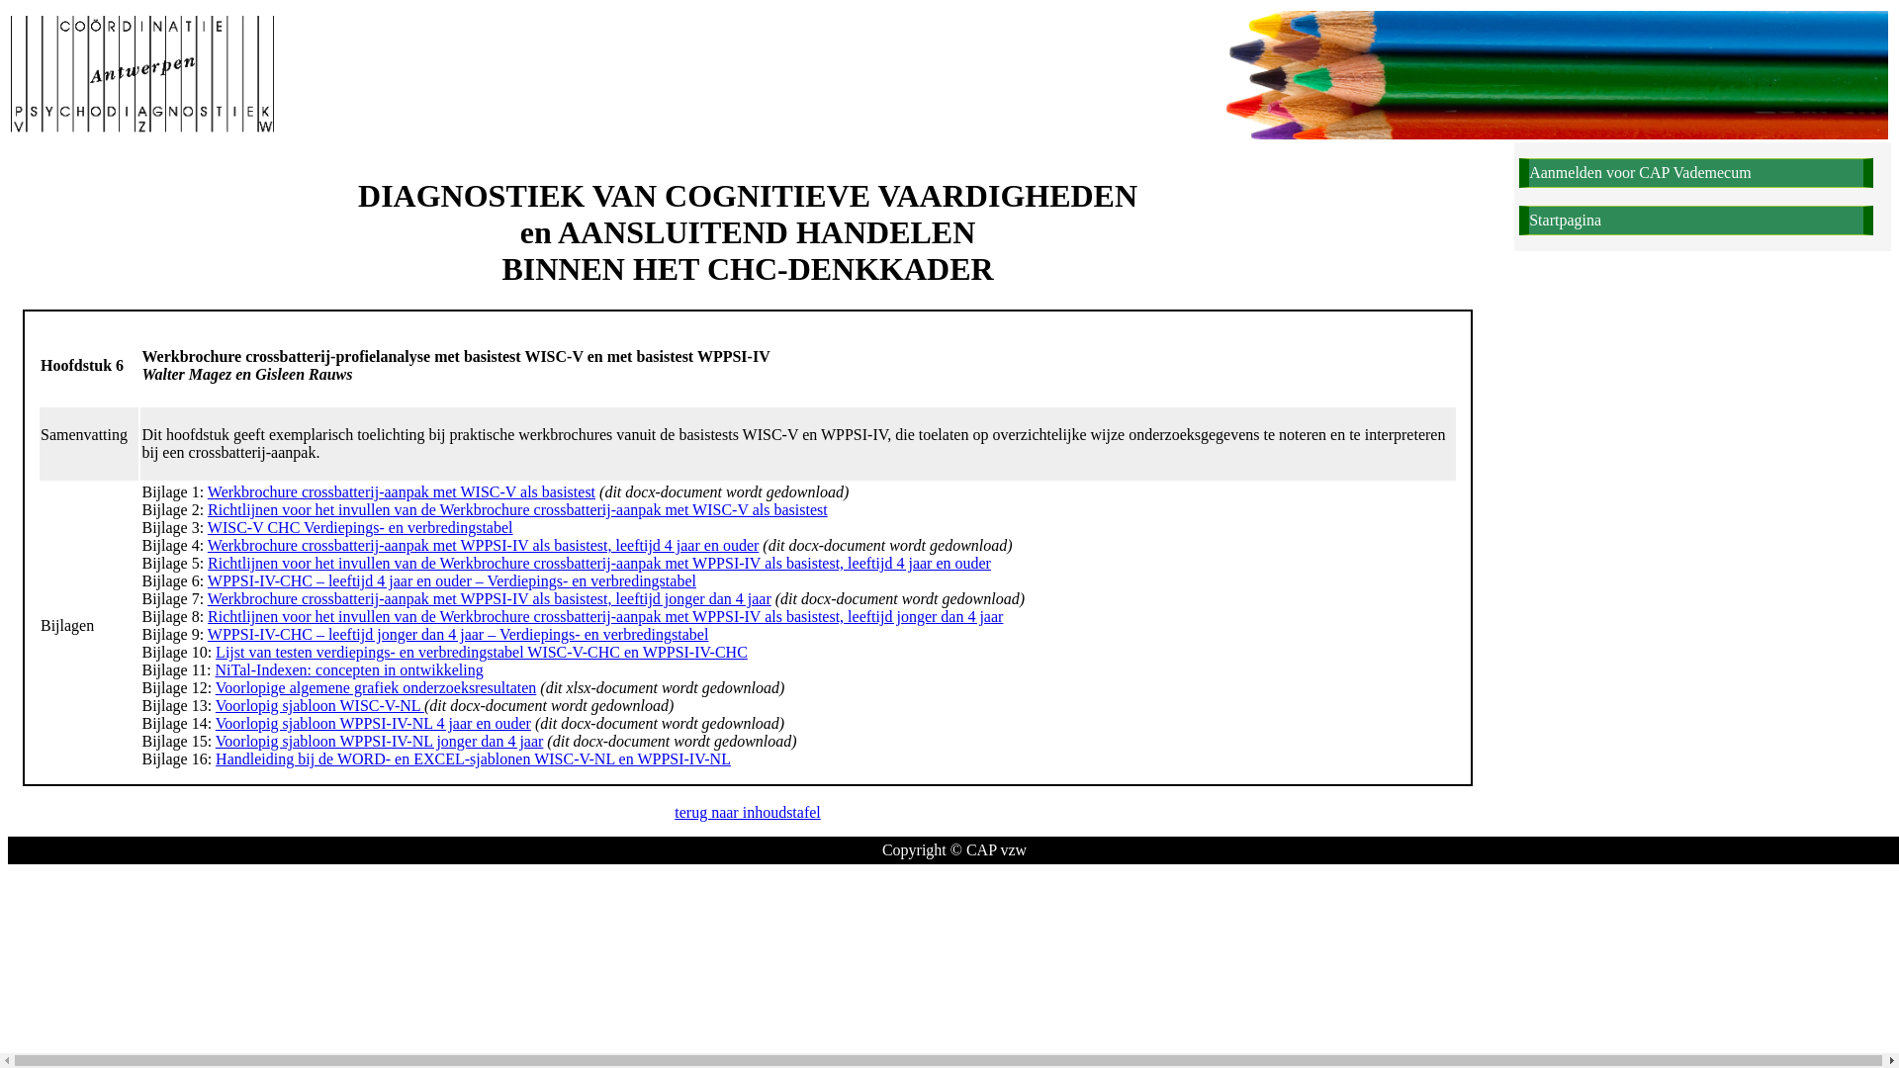  I want to click on 'Aanmelden voor CAP Vademecum', so click(1518, 171).